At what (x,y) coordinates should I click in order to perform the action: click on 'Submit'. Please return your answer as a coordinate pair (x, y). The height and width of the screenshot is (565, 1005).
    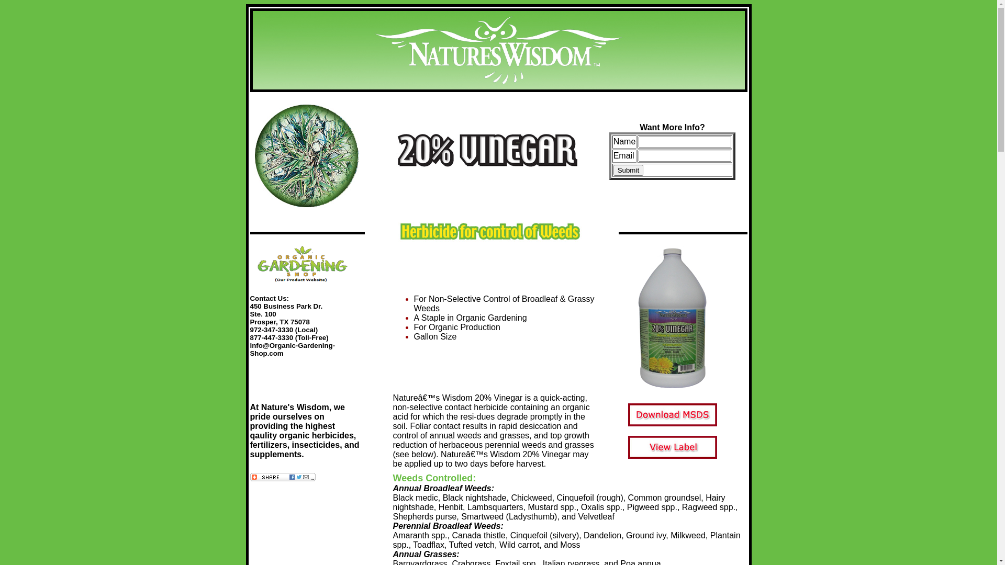
    Looking at the image, I should click on (628, 169).